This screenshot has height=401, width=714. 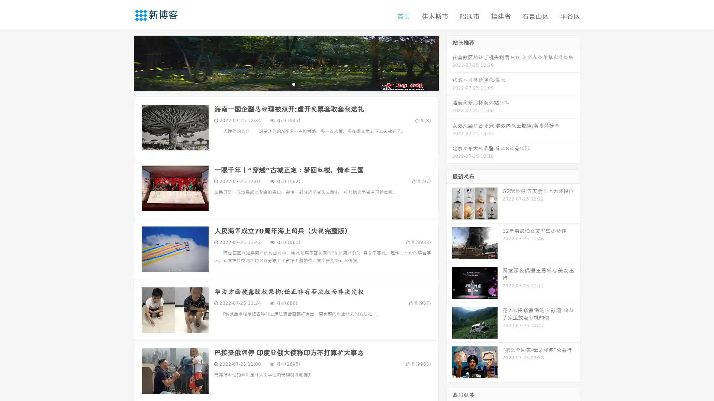 What do you see at coordinates (123, 62) in the screenshot?
I see `Previous slide` at bounding box center [123, 62].